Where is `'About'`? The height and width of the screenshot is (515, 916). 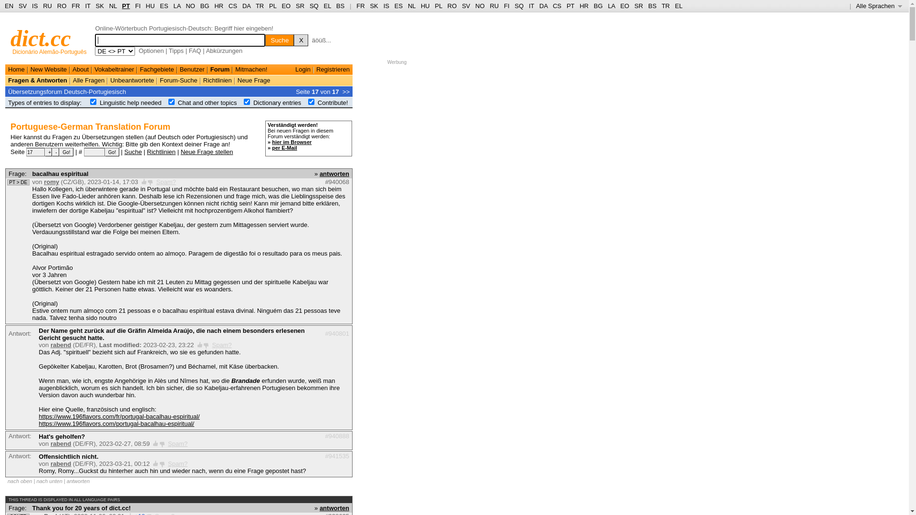
'About' is located at coordinates (72, 69).